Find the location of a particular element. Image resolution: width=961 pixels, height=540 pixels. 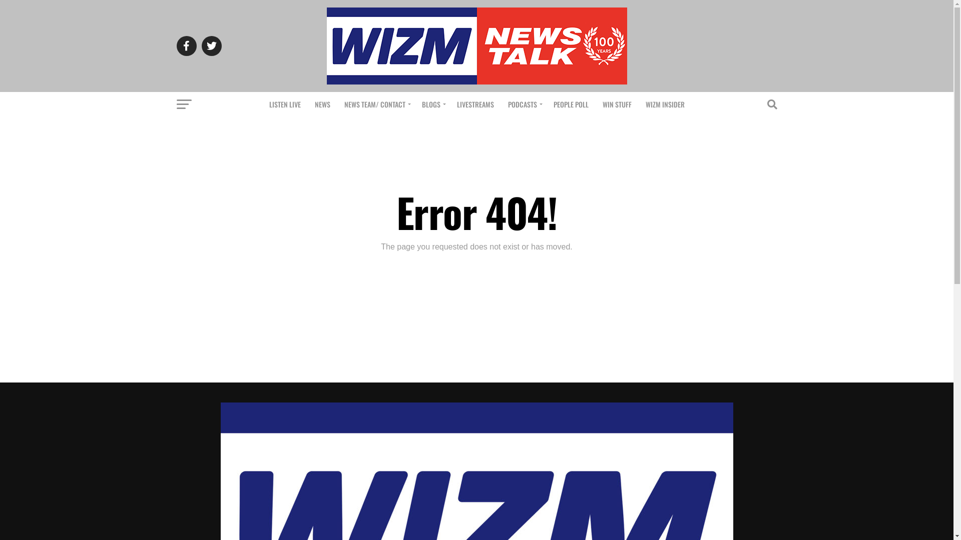

'WIN STUFF' is located at coordinates (617, 104).